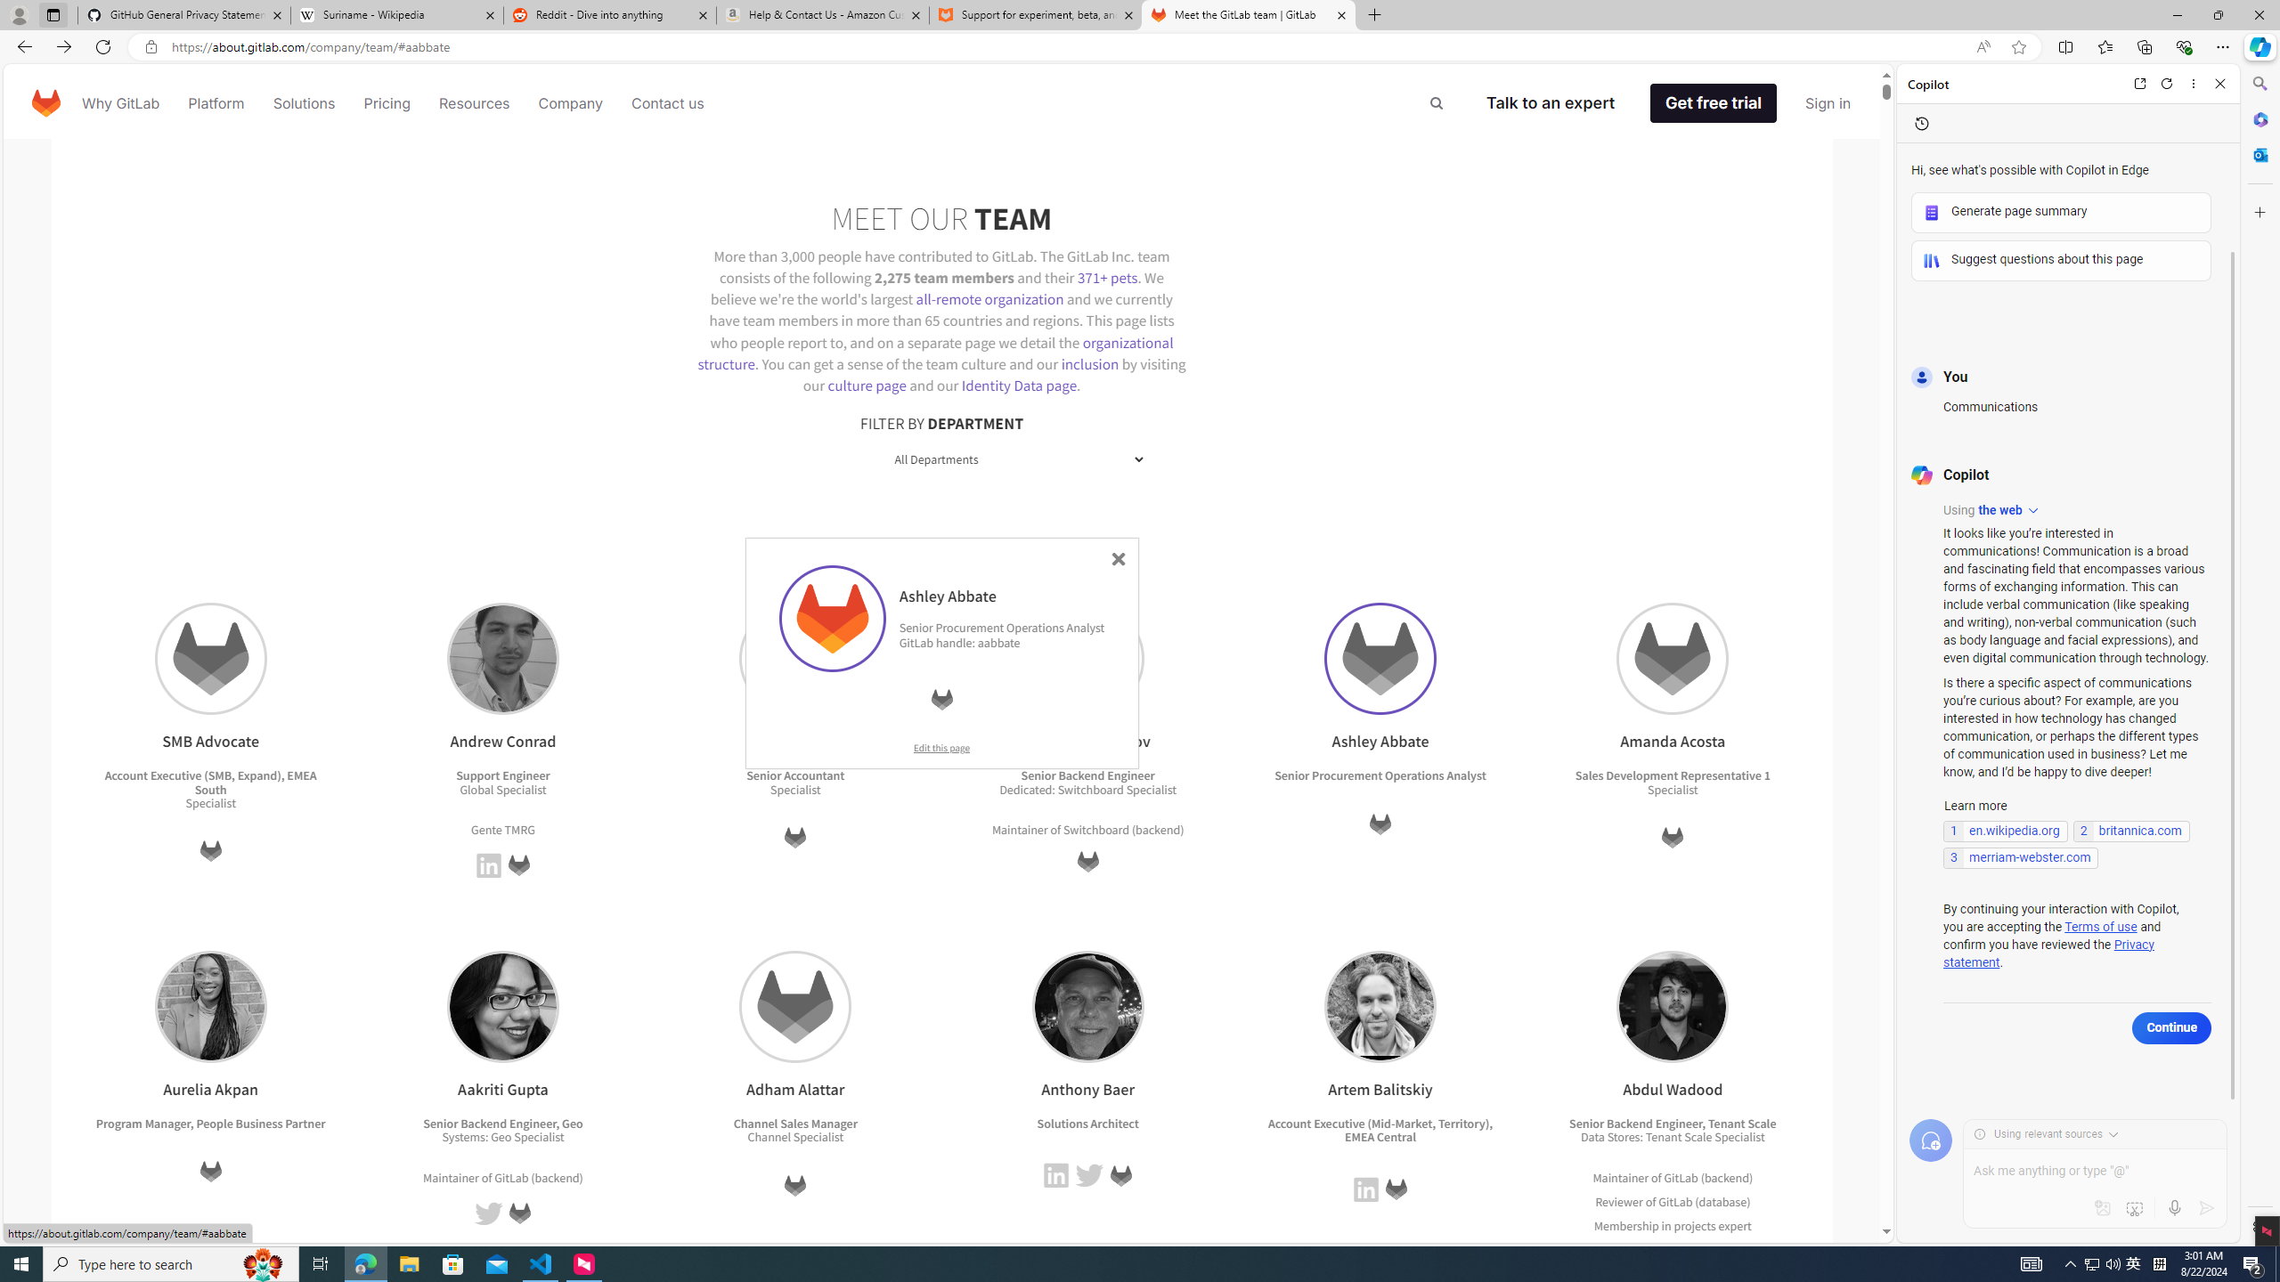 The width and height of the screenshot is (2280, 1282). I want to click on 'Channel Sales Manager', so click(794, 1122).